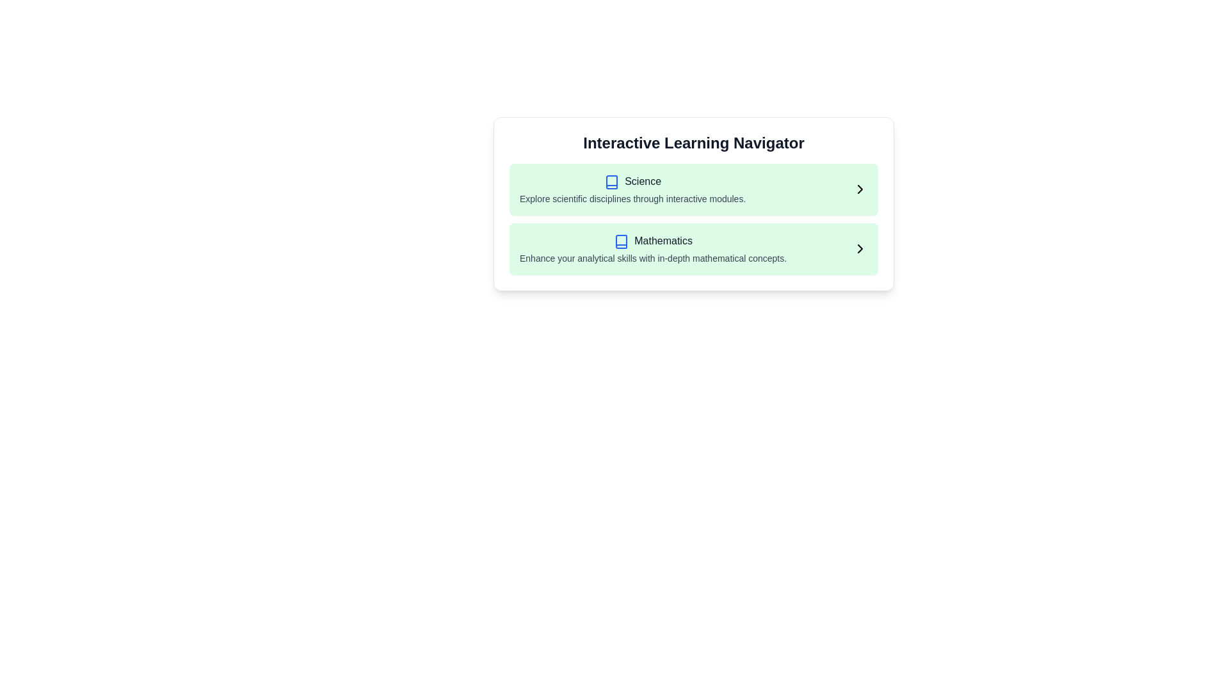 The height and width of the screenshot is (691, 1229). Describe the element at coordinates (860, 249) in the screenshot. I see `the navigation icon on the far right of the 'Mathematics' row in the 'Interactive Learning Navigator' to proceed to further details about Mathematics` at that location.